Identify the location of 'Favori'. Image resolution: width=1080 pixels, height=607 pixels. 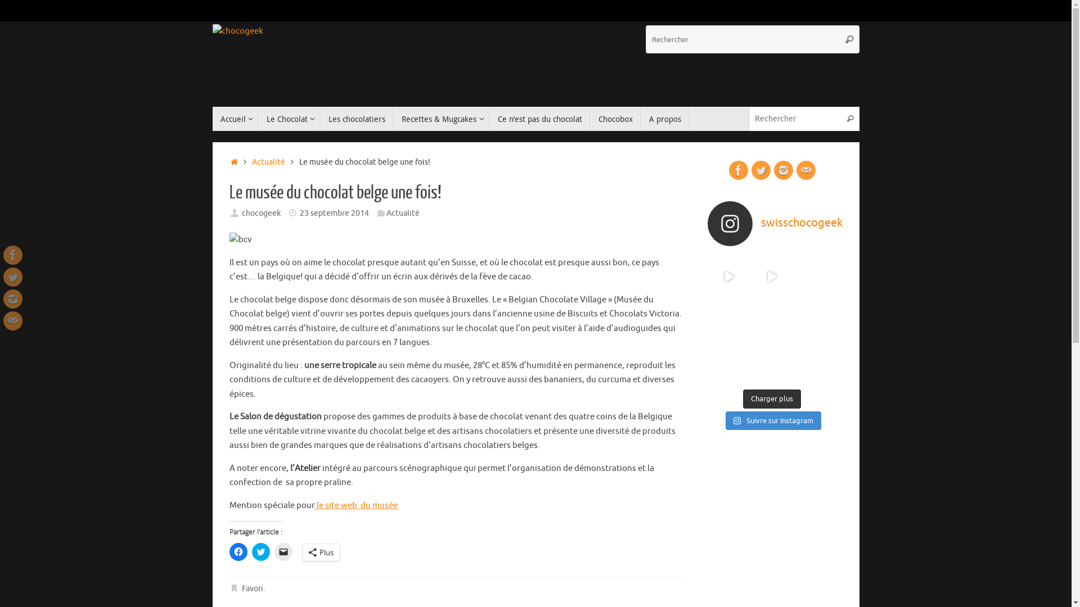
(252, 588).